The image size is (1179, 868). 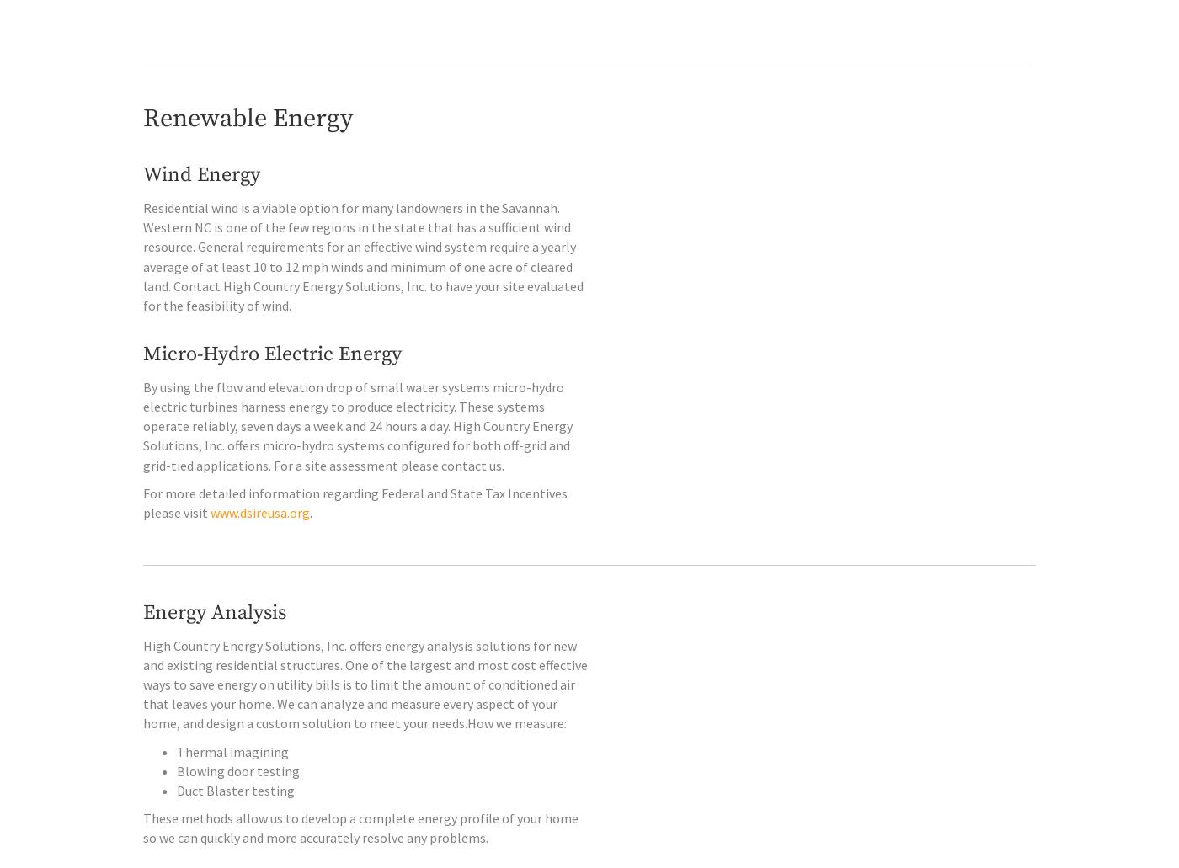 What do you see at coordinates (259, 547) in the screenshot?
I see `'www.dsireusa.org'` at bounding box center [259, 547].